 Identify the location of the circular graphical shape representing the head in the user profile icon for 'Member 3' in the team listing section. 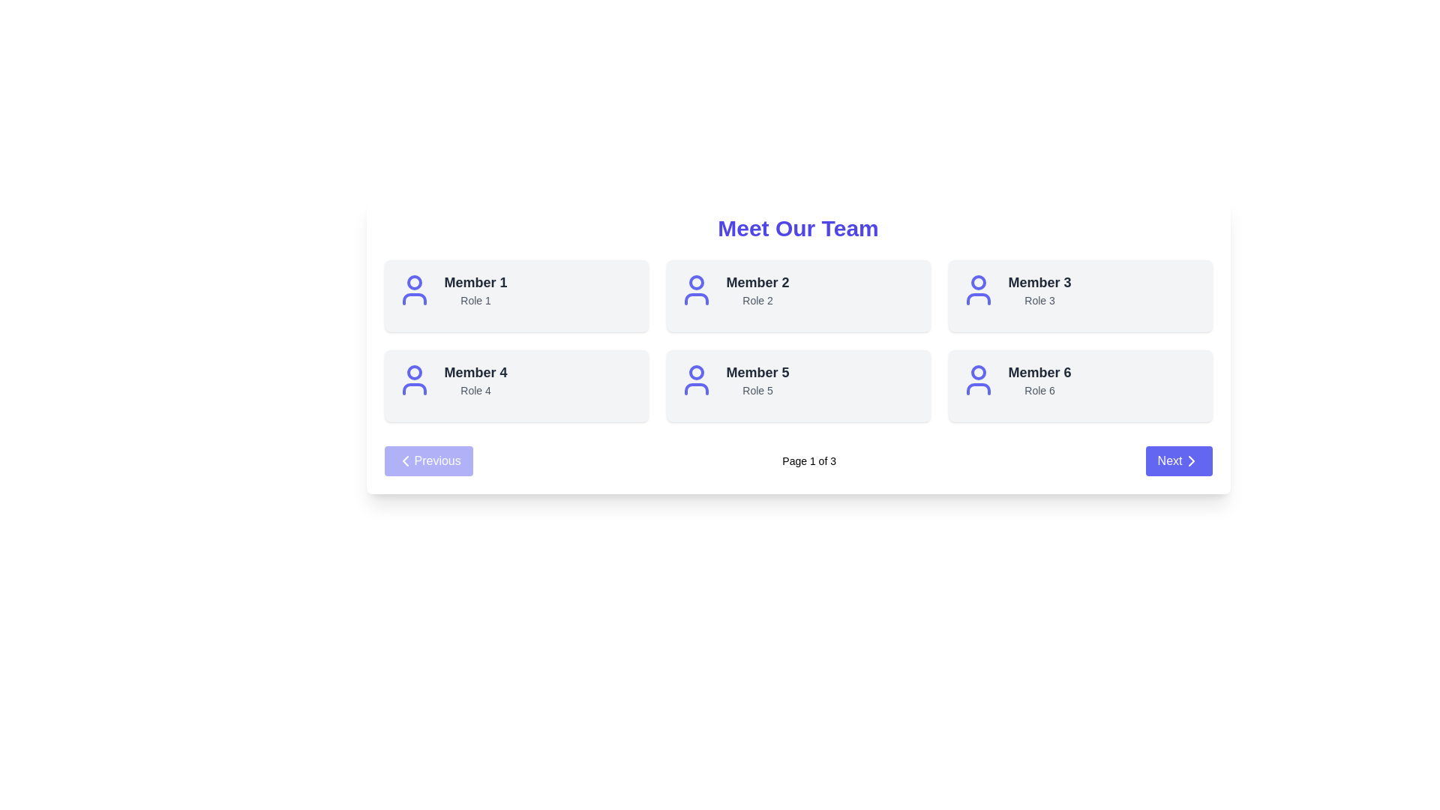
(978, 283).